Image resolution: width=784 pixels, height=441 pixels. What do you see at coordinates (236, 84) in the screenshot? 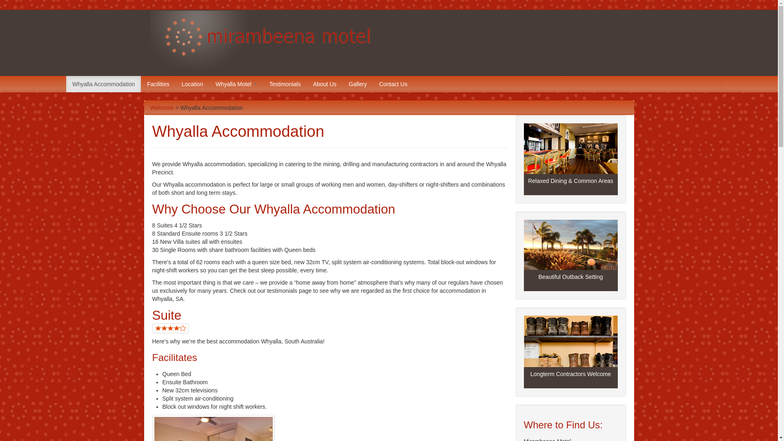
I see `'Whyalla Motel'` at bounding box center [236, 84].